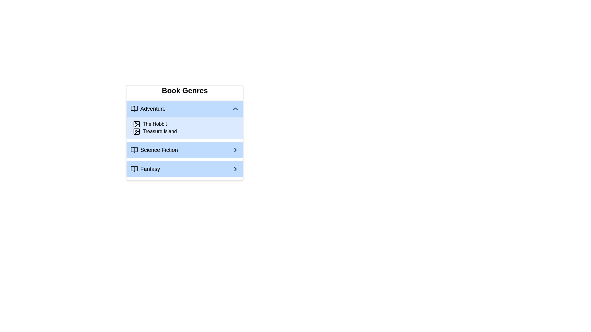 The height and width of the screenshot is (332, 591). I want to click on the black rounded rectangle SVG shape element that is part of the composite icon preceding 'The Hobbit' in the 'Adventure' category under 'Book Genres', so click(136, 131).